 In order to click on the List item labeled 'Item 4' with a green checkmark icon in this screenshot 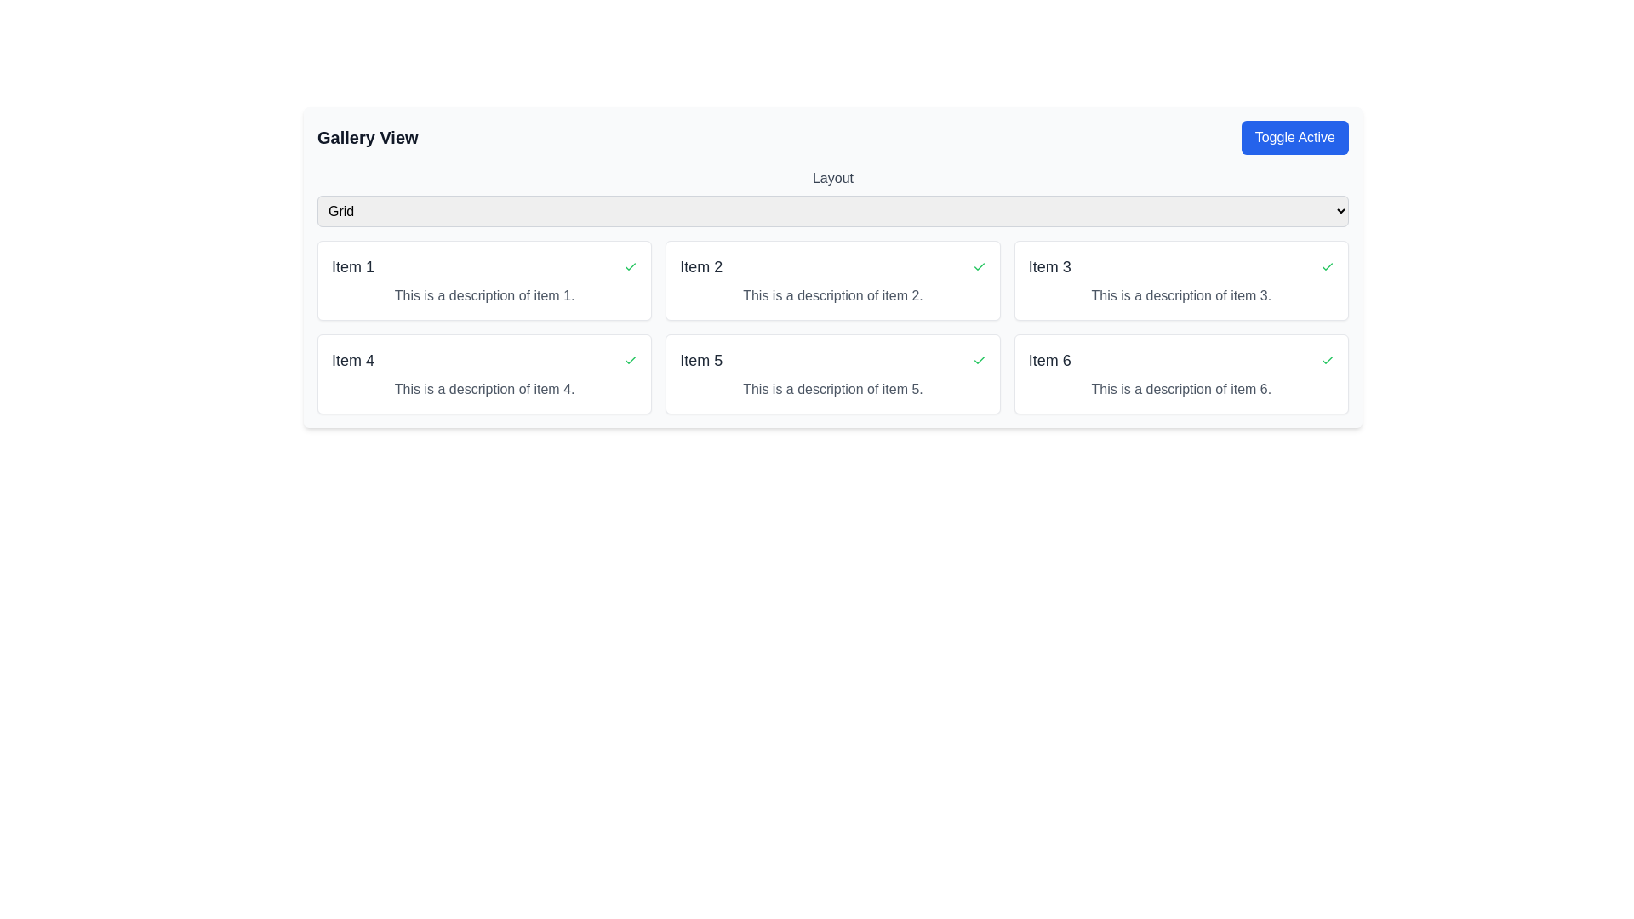, I will do `click(483, 360)`.